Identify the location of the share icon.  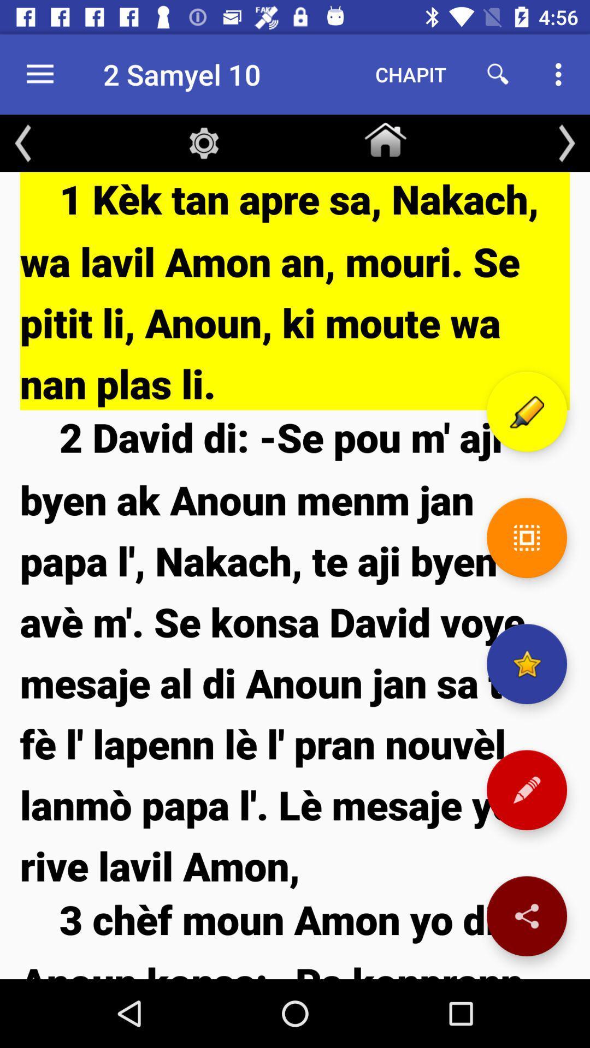
(526, 916).